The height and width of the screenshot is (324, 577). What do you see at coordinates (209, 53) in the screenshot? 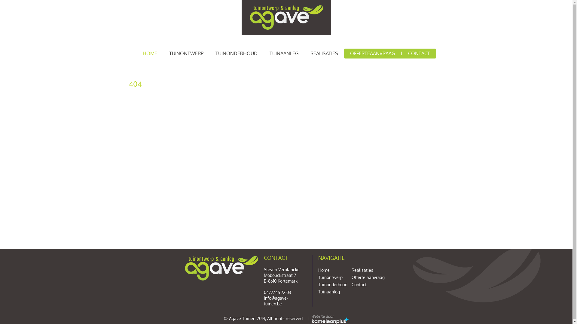
I see `'TUINONDERHOUD'` at bounding box center [209, 53].